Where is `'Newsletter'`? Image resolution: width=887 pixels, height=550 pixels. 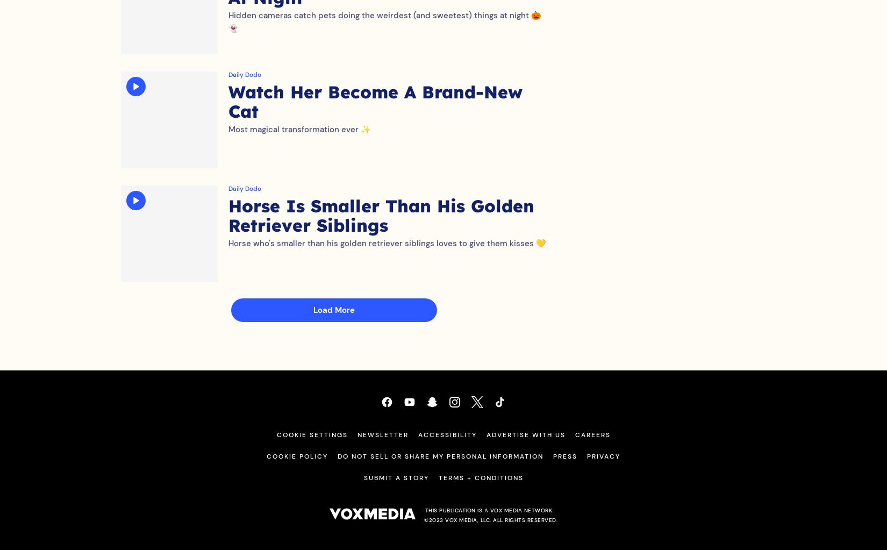
'Newsletter' is located at coordinates (382, 445).